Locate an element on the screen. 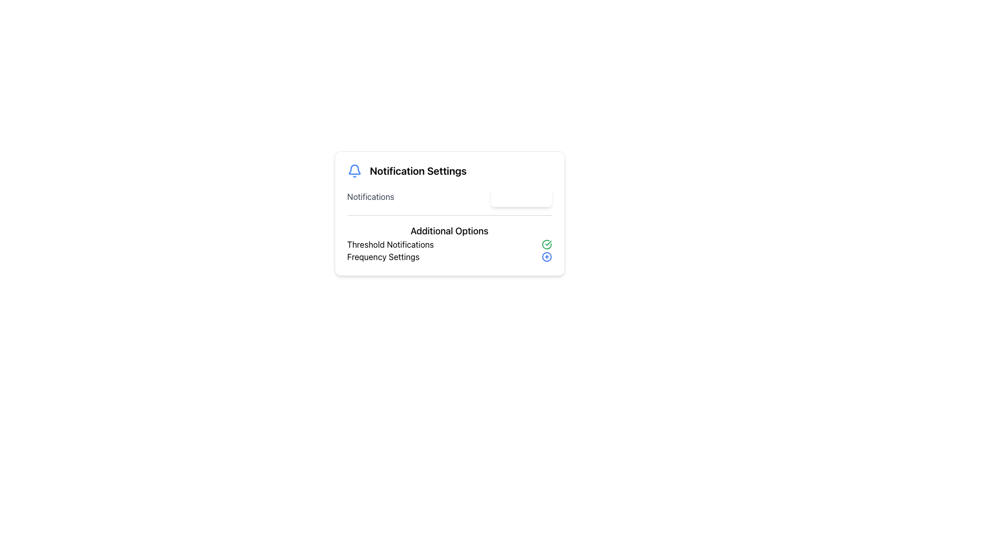  background shape of the toggle button within the 'Notification Settings' card located at the top-right corner of the interface is located at coordinates (538, 196).